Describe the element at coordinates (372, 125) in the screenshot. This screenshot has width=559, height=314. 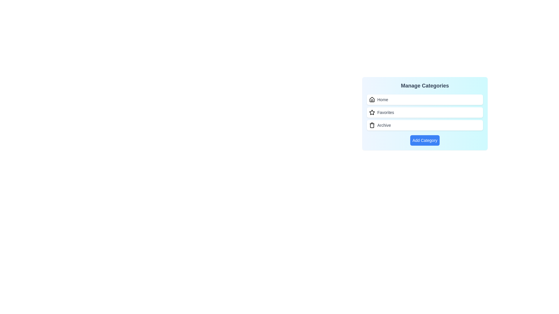
I see `the category icon corresponding to Archive` at that location.